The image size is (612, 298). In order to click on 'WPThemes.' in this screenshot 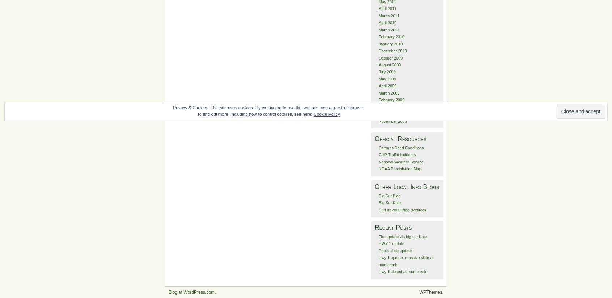, I will do `click(431, 292)`.